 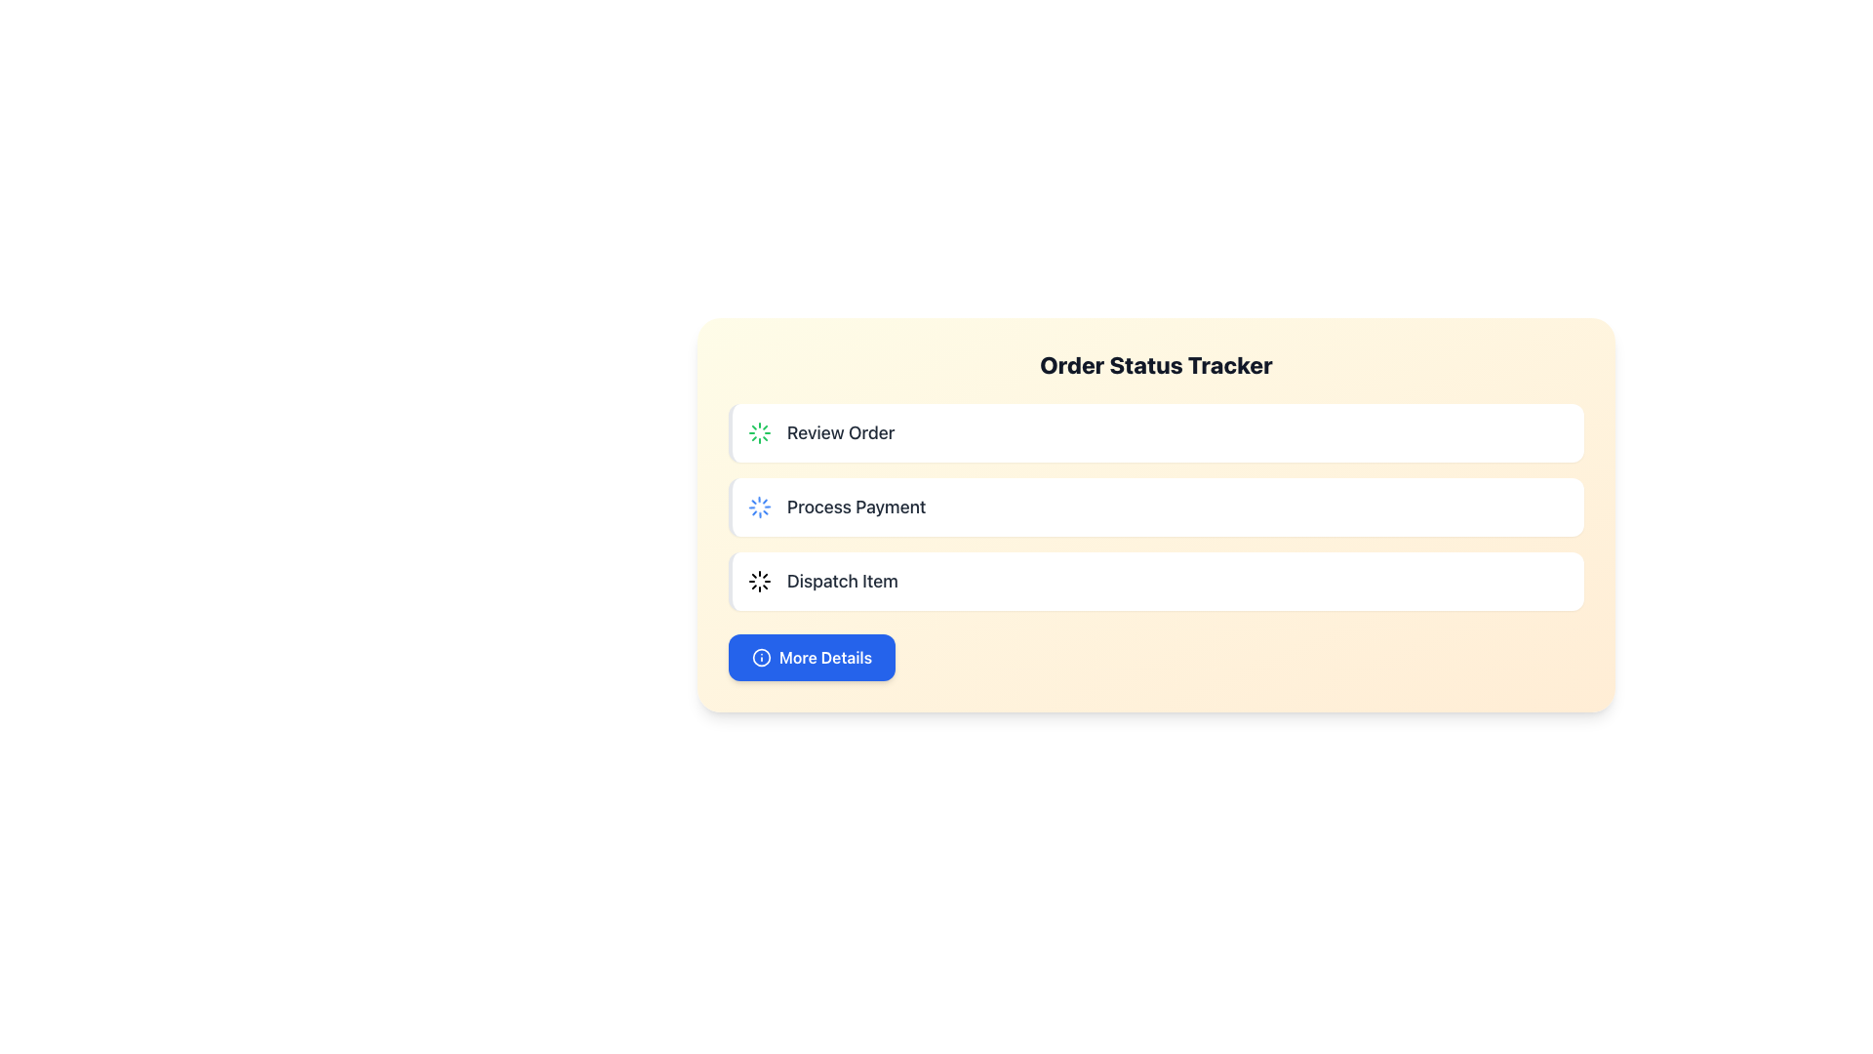 I want to click on the small circular loading spinner icon with green accents located to the left of the 'Review Order' label, so click(x=758, y=431).